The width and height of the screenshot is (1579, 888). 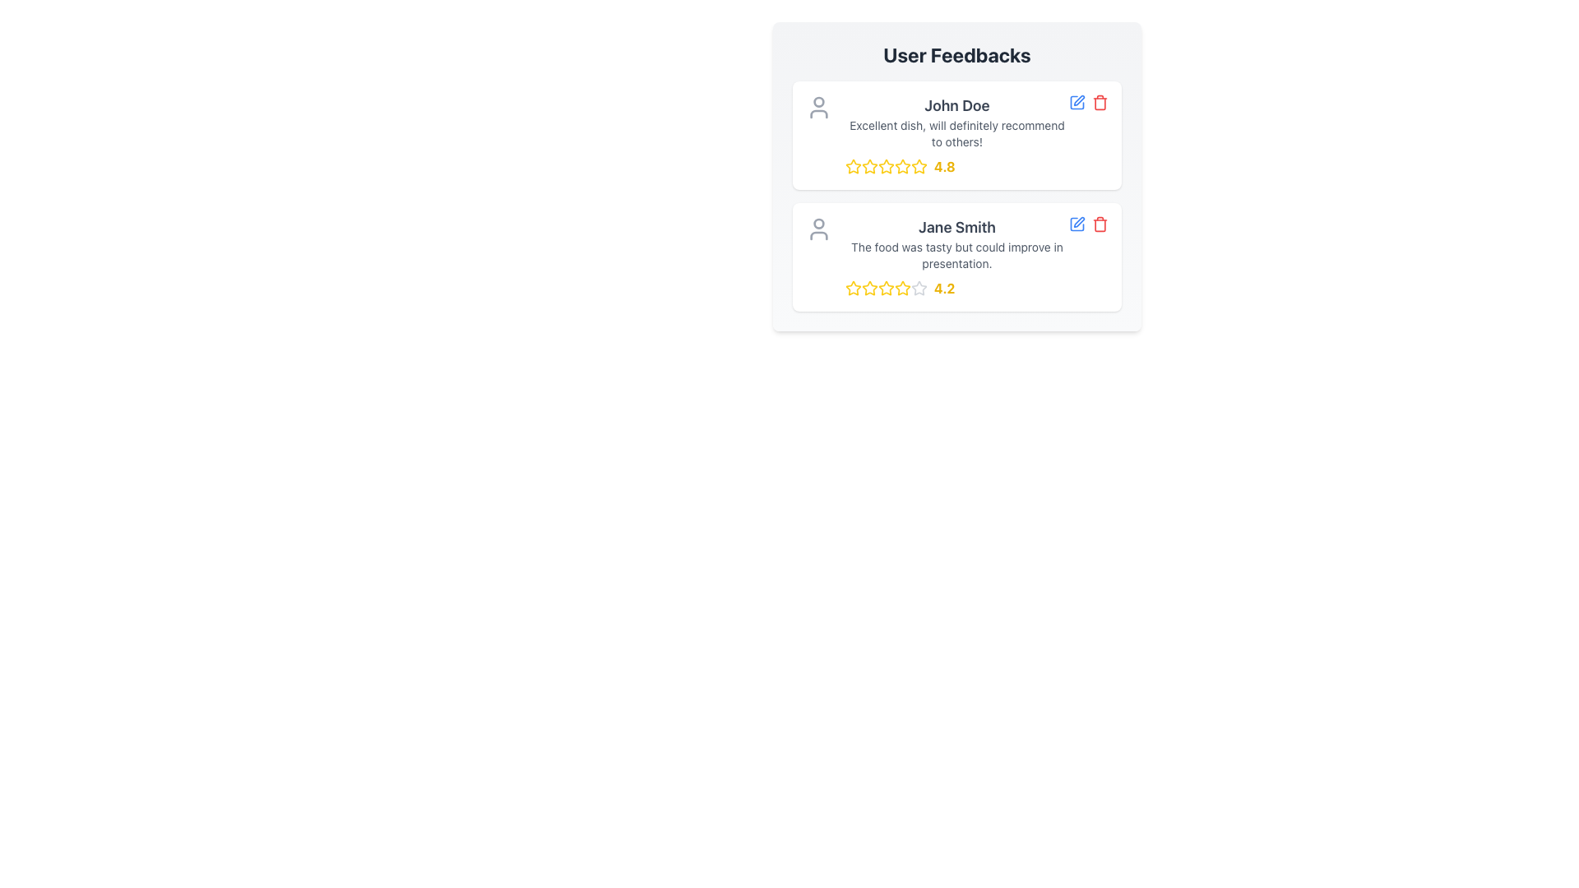 I want to click on the SVG Circle that represents the head in the user profile icon located to the left of the name 'John Doe' in the first feedback card under 'User Feedbacks', so click(x=819, y=101).